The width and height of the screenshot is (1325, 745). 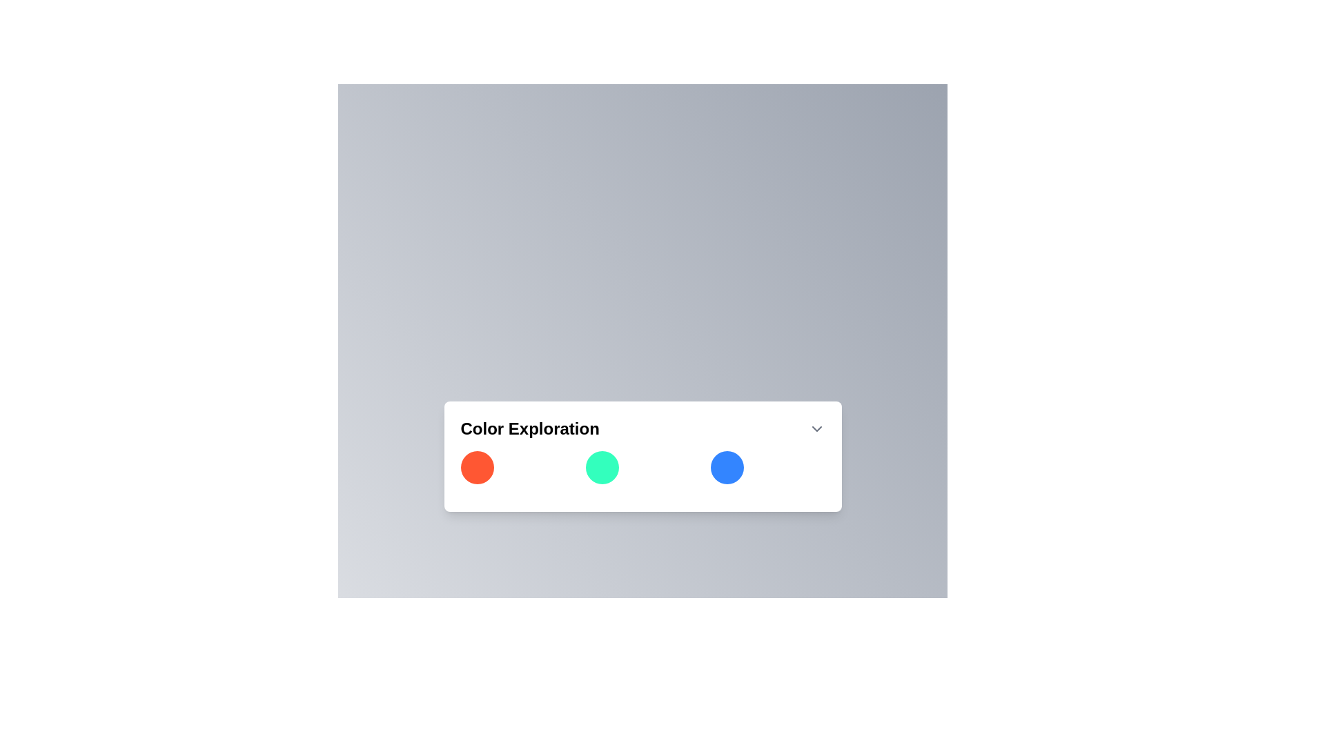 I want to click on the small circular orange button located in the top-left corner of the grid layout under the 'Color Exploration' title, so click(x=477, y=467).